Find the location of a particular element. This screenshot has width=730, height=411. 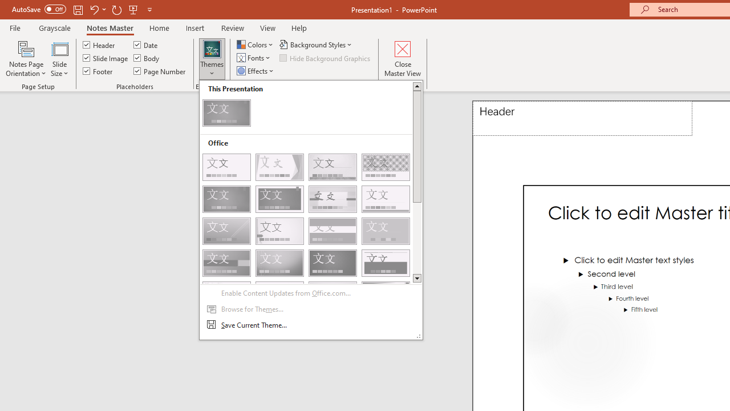

'Header' is located at coordinates (582, 118).